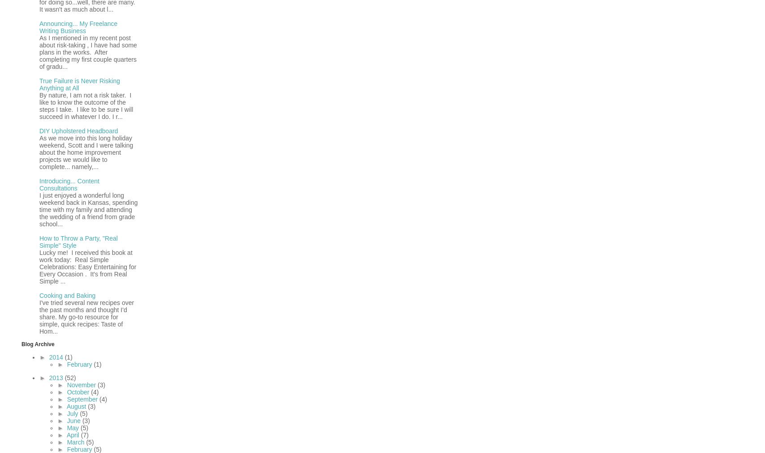 Image resolution: width=765 pixels, height=453 pixels. I want to click on '2014', so click(56, 357).